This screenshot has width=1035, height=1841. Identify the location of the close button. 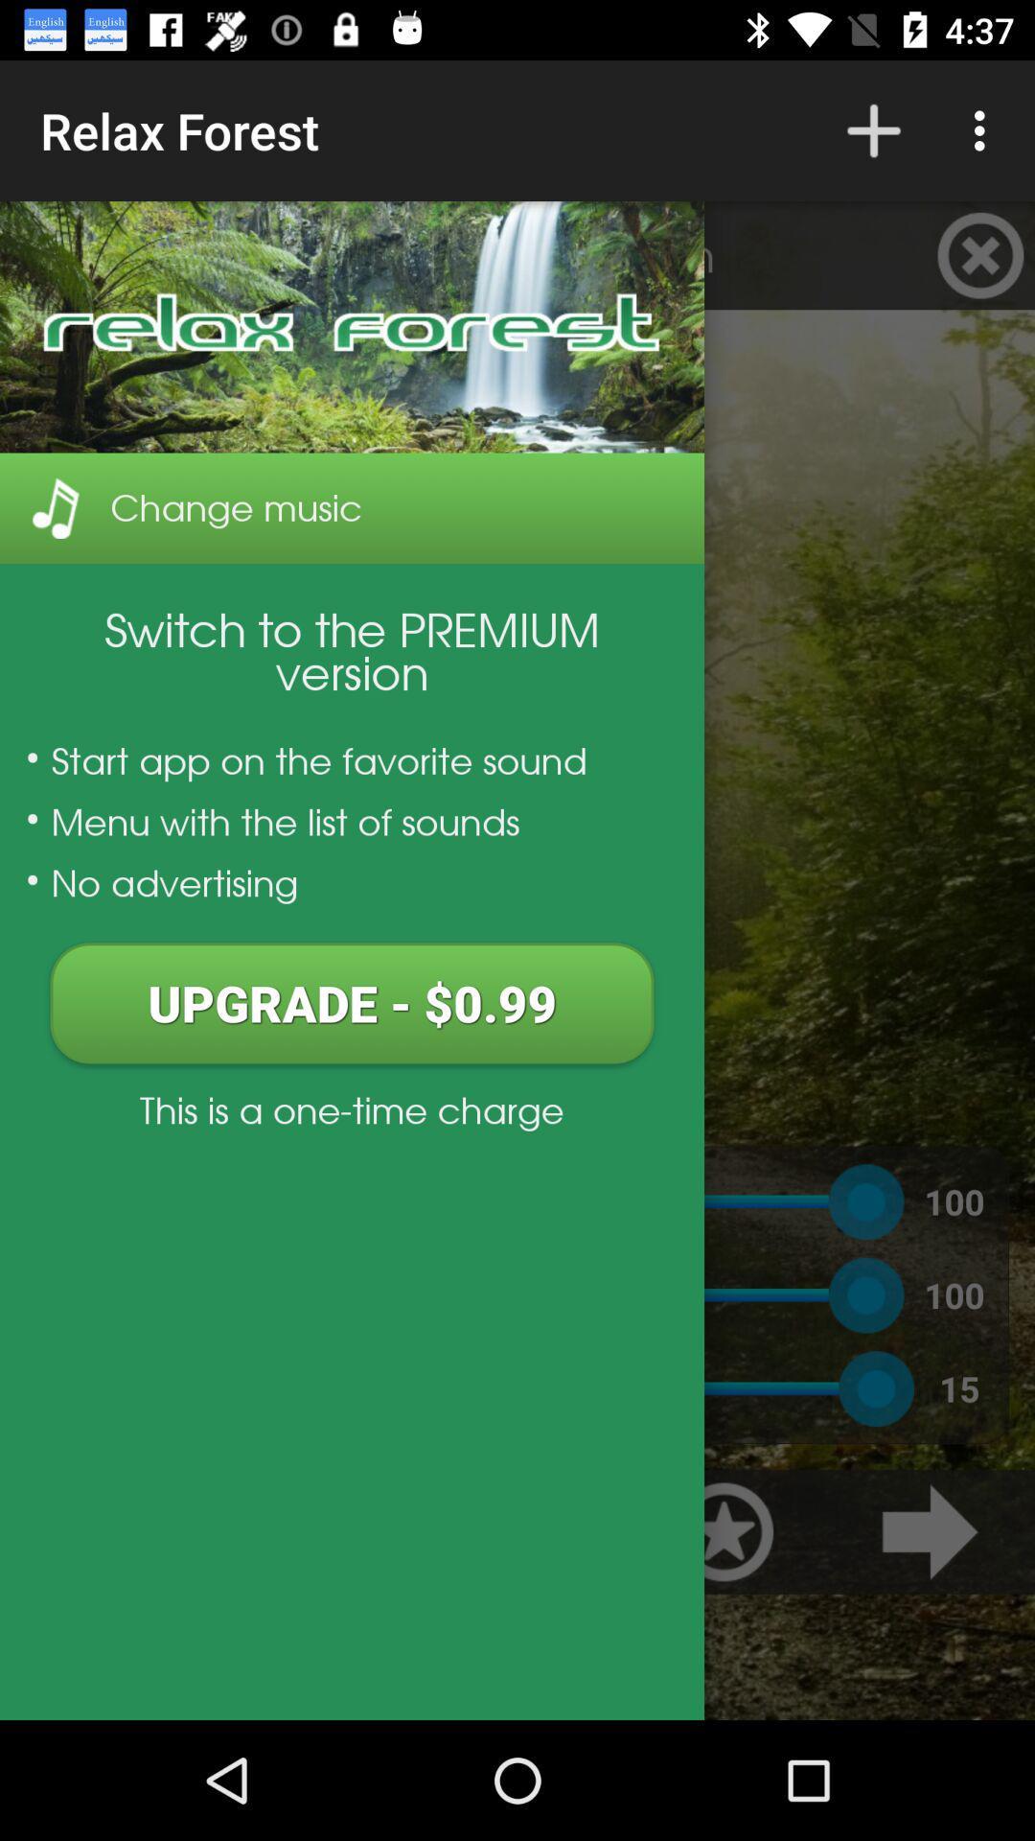
(980, 254).